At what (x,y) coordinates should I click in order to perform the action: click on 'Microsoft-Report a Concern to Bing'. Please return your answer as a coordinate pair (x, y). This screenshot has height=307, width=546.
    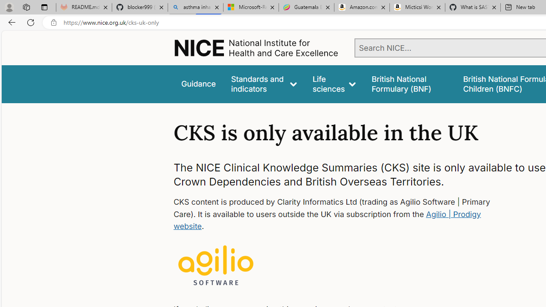
    Looking at the image, I should click on (250, 7).